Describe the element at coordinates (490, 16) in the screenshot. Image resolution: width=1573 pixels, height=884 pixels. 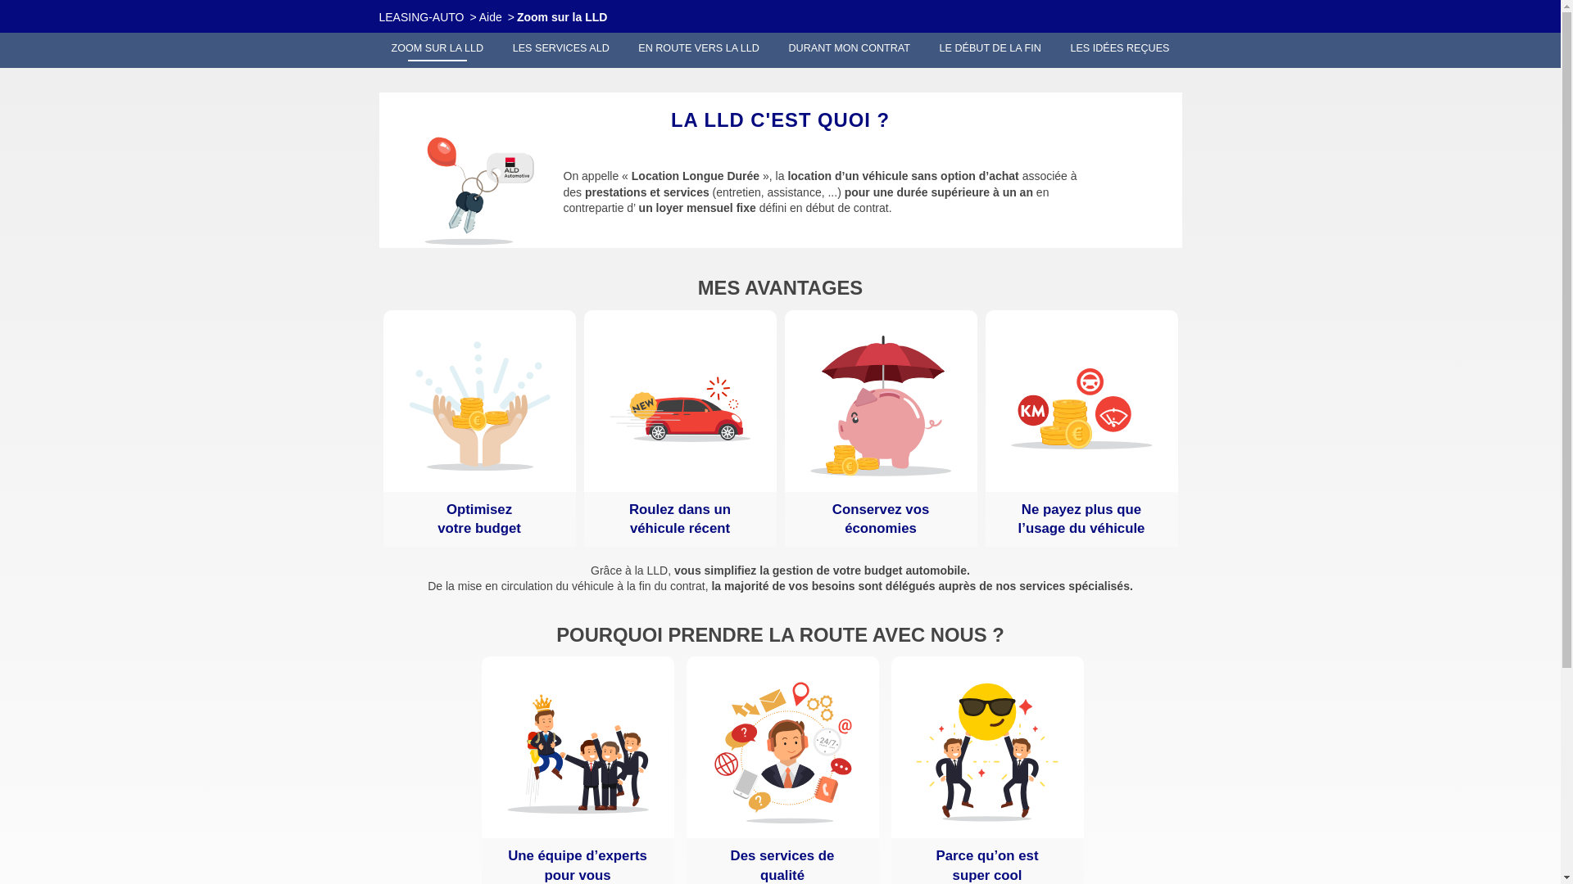
I see `'Aide'` at that location.